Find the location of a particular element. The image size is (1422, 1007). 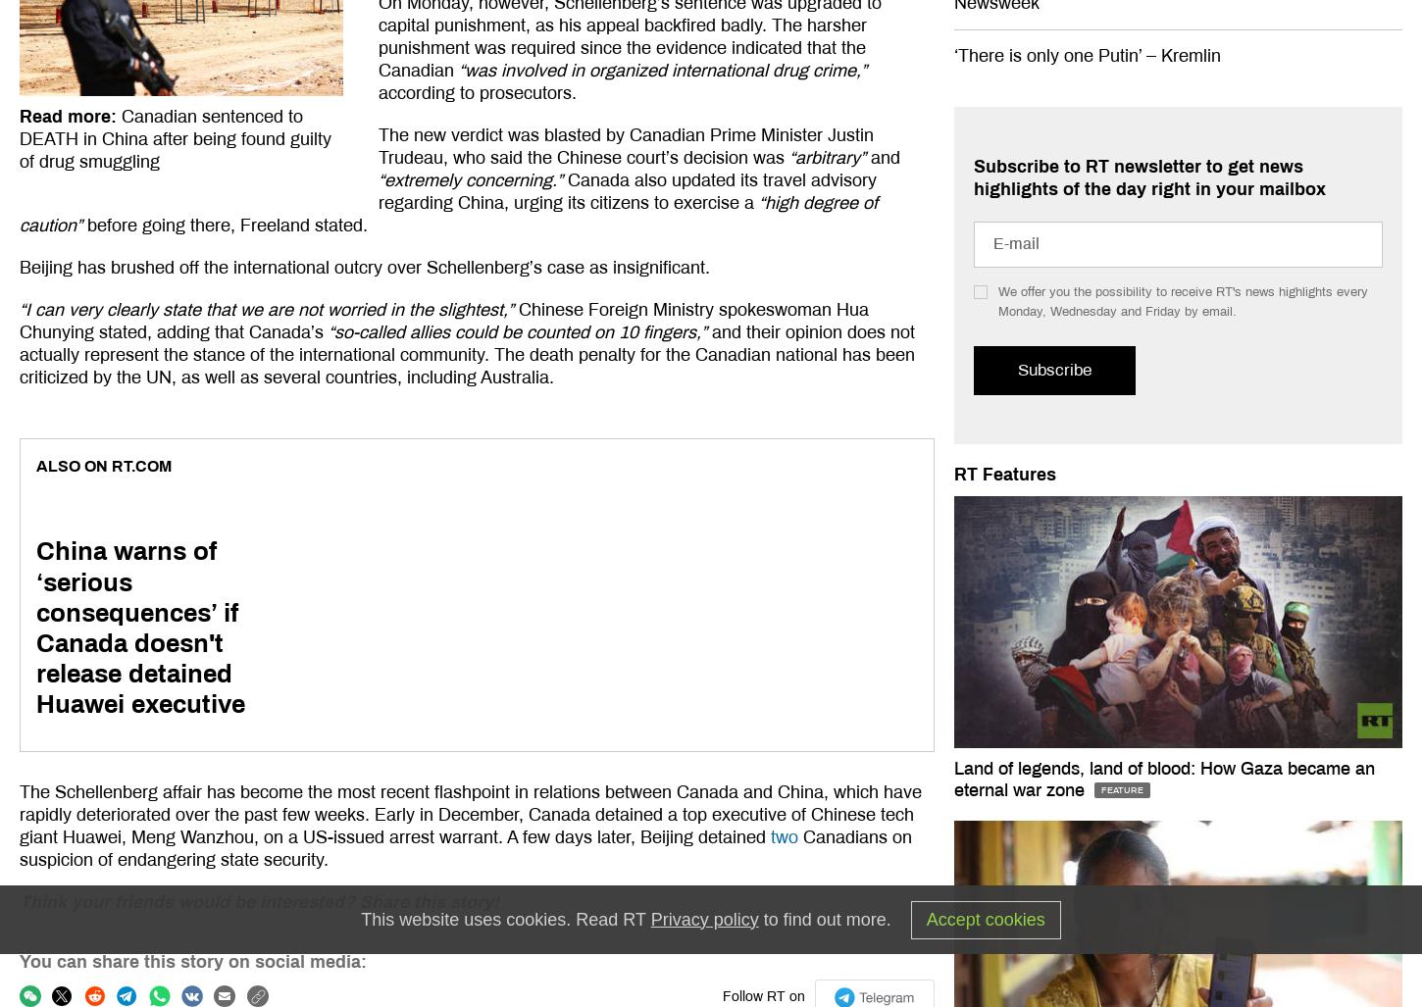

'Canadian sentenced to DEATH in China after being found guilty of drug smuggling' is located at coordinates (174, 139).